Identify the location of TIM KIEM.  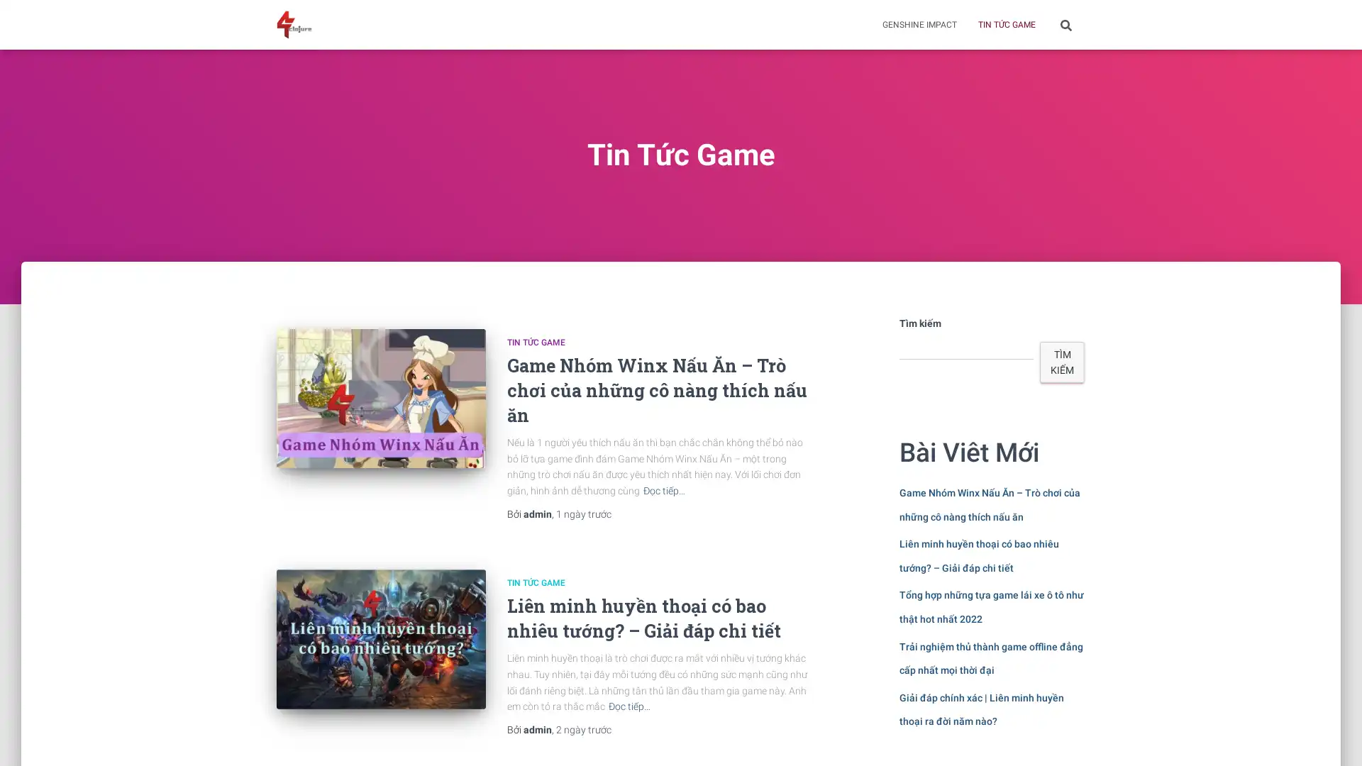
(1062, 361).